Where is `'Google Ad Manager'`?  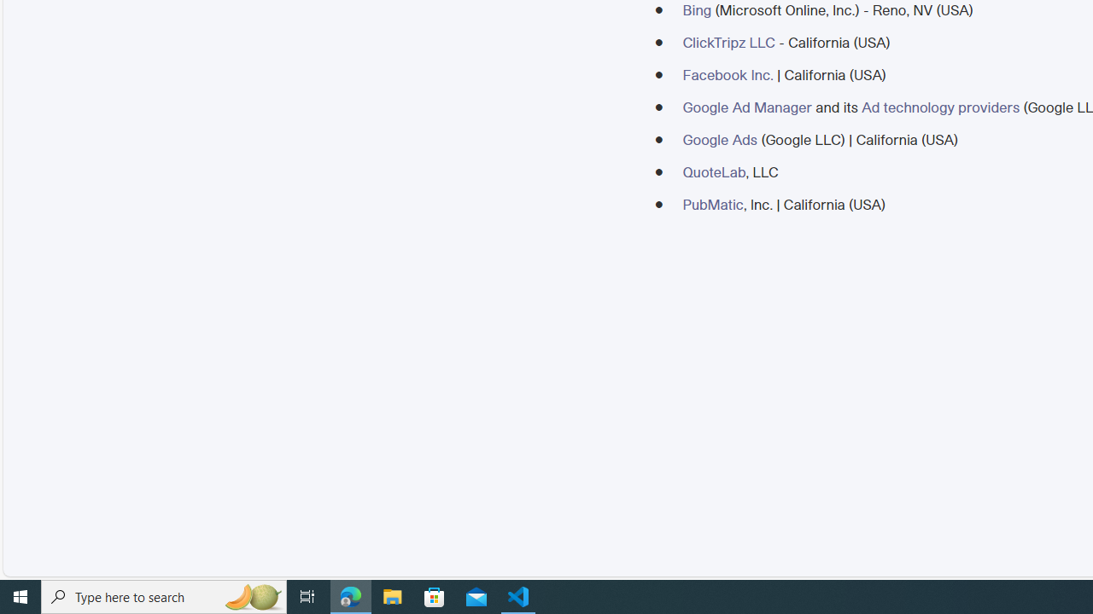 'Google Ad Manager' is located at coordinates (746, 107).